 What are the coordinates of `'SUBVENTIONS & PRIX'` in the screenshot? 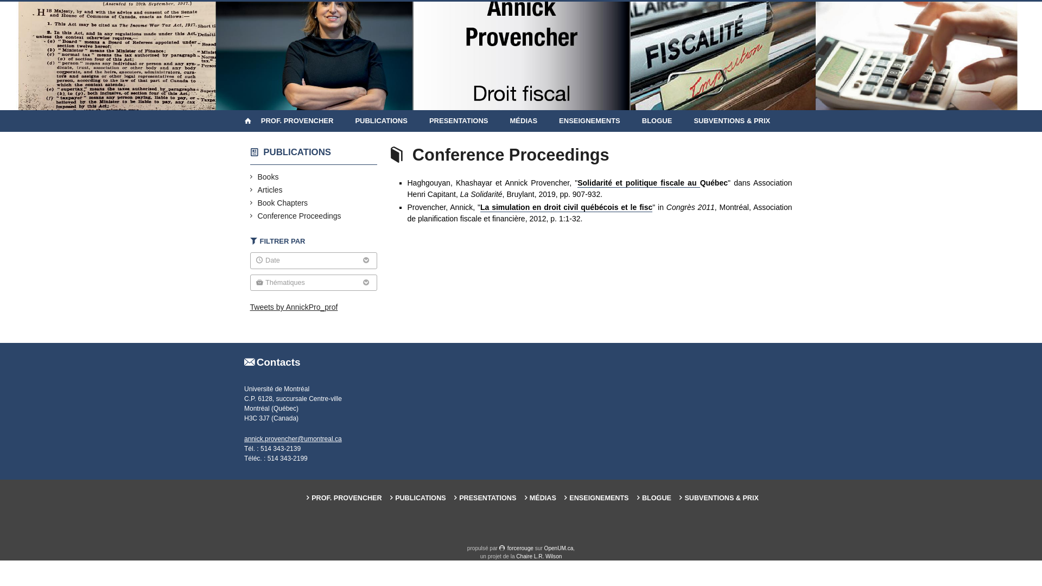 It's located at (719, 498).